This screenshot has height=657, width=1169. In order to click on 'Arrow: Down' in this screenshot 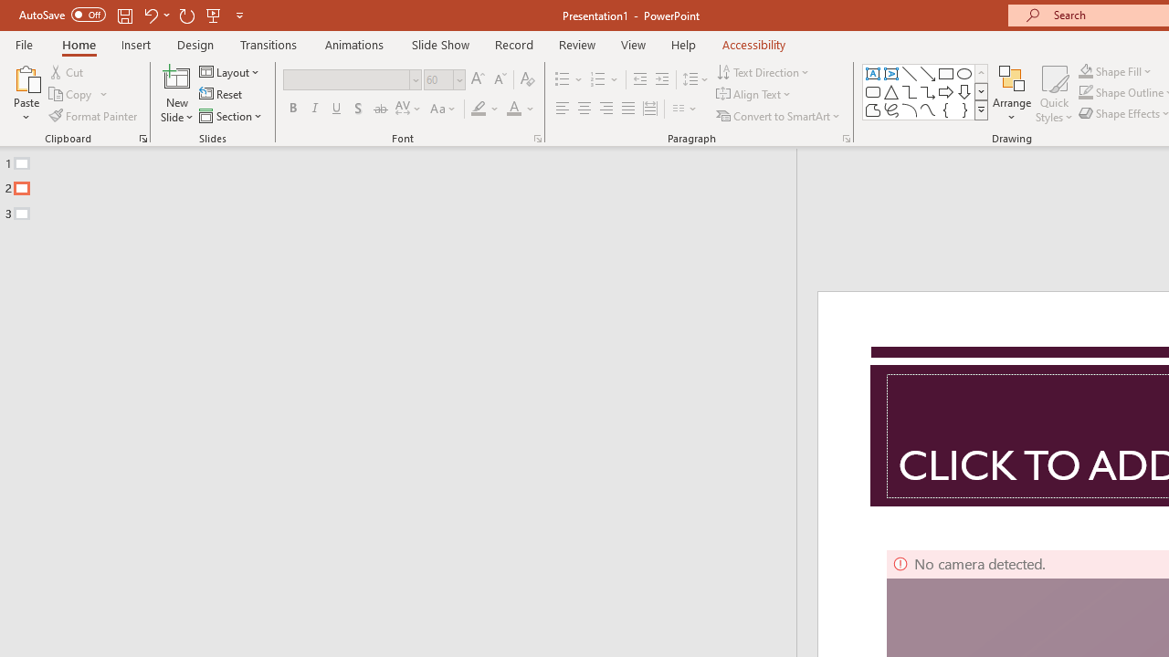, I will do `click(964, 91)`.